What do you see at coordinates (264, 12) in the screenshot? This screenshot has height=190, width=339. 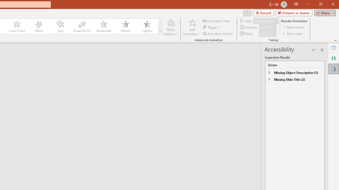 I see `'Record'` at bounding box center [264, 12].